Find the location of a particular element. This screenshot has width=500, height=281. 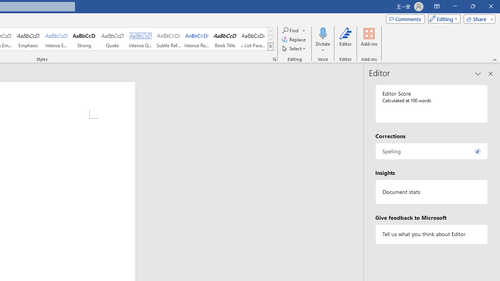

'Book Title' is located at coordinates (225, 39).